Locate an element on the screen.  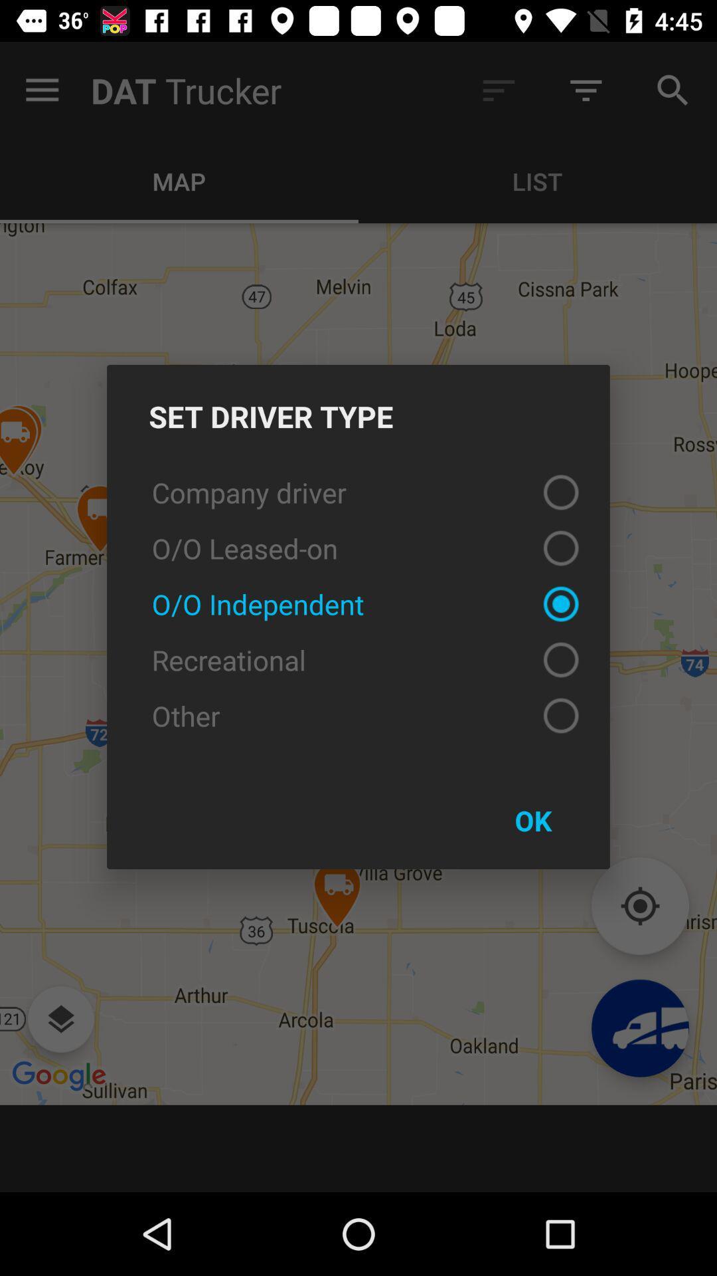
the ok icon is located at coordinates (532, 819).